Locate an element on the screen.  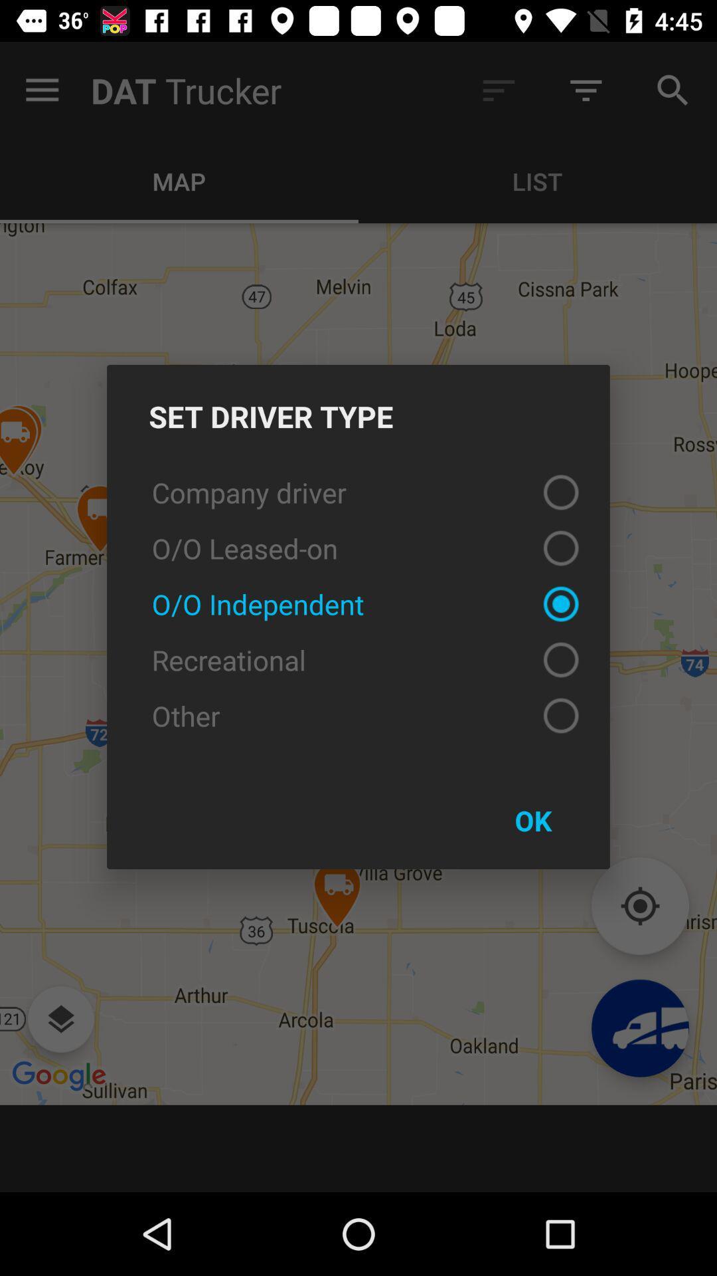
the ok icon is located at coordinates (532, 819).